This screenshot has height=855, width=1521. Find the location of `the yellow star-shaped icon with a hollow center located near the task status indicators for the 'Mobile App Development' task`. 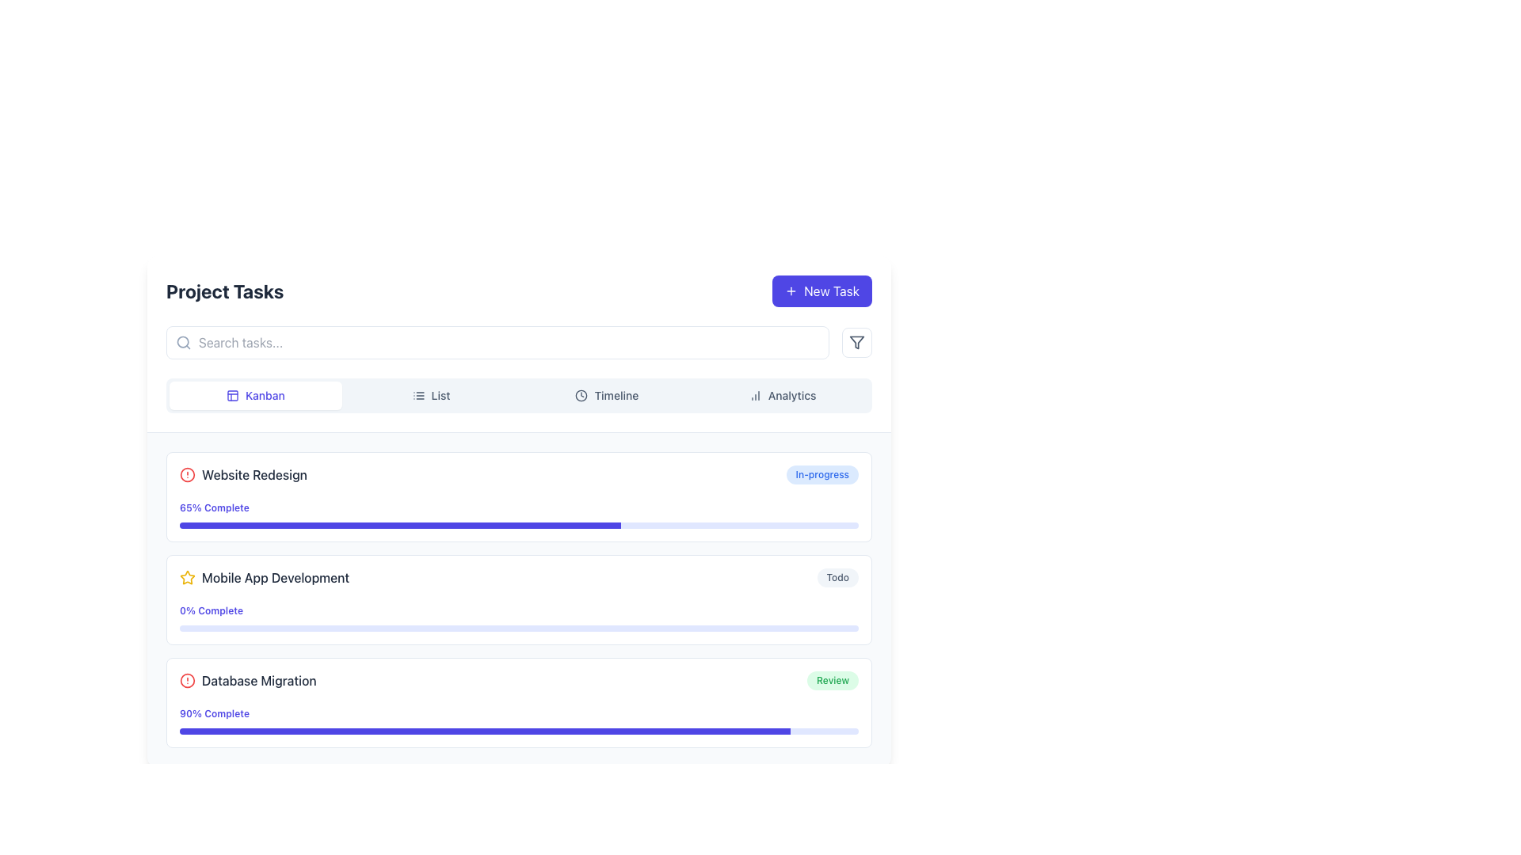

the yellow star-shaped icon with a hollow center located near the task status indicators for the 'Mobile App Development' task is located at coordinates (187, 577).